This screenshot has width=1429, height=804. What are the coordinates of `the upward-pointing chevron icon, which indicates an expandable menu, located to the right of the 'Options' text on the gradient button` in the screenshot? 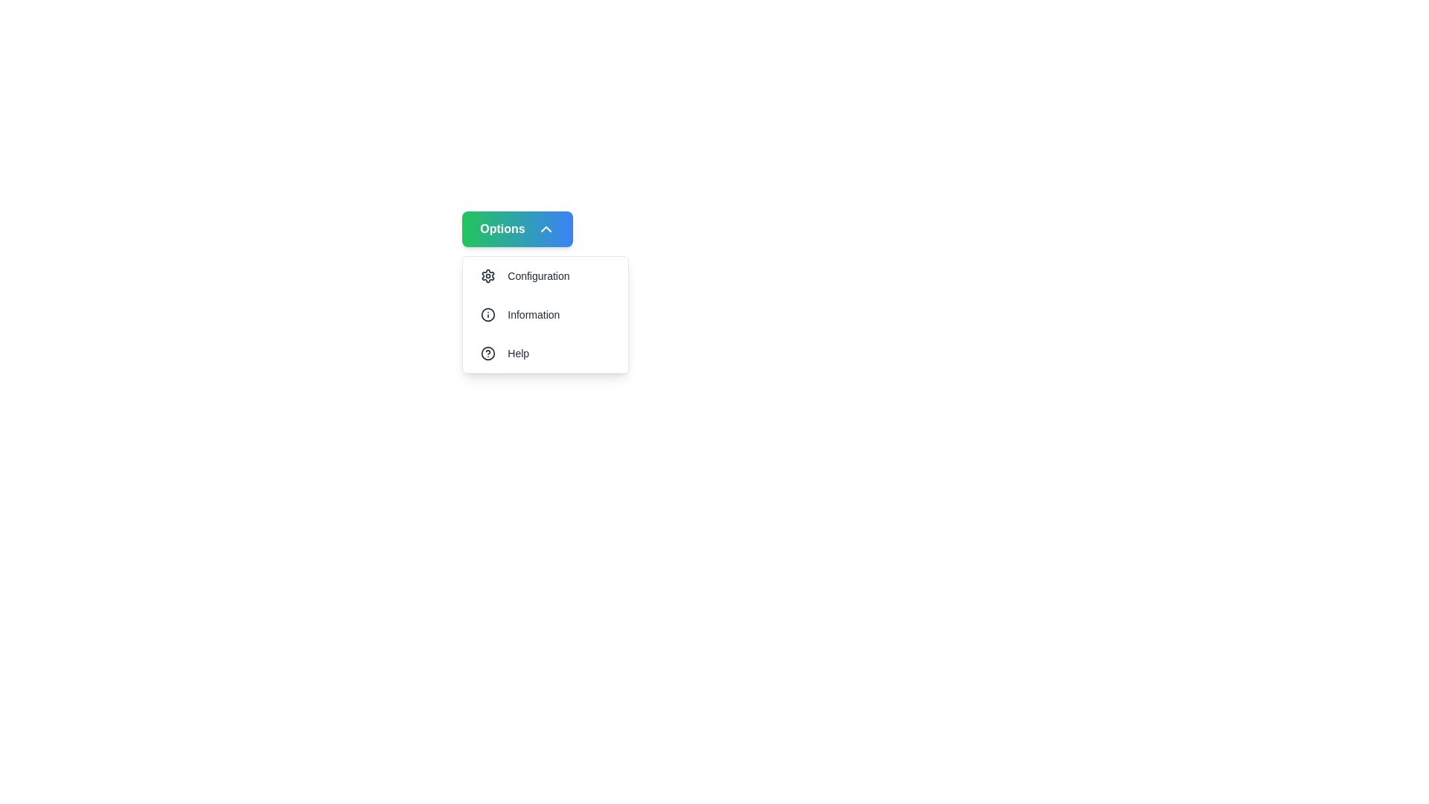 It's located at (545, 229).